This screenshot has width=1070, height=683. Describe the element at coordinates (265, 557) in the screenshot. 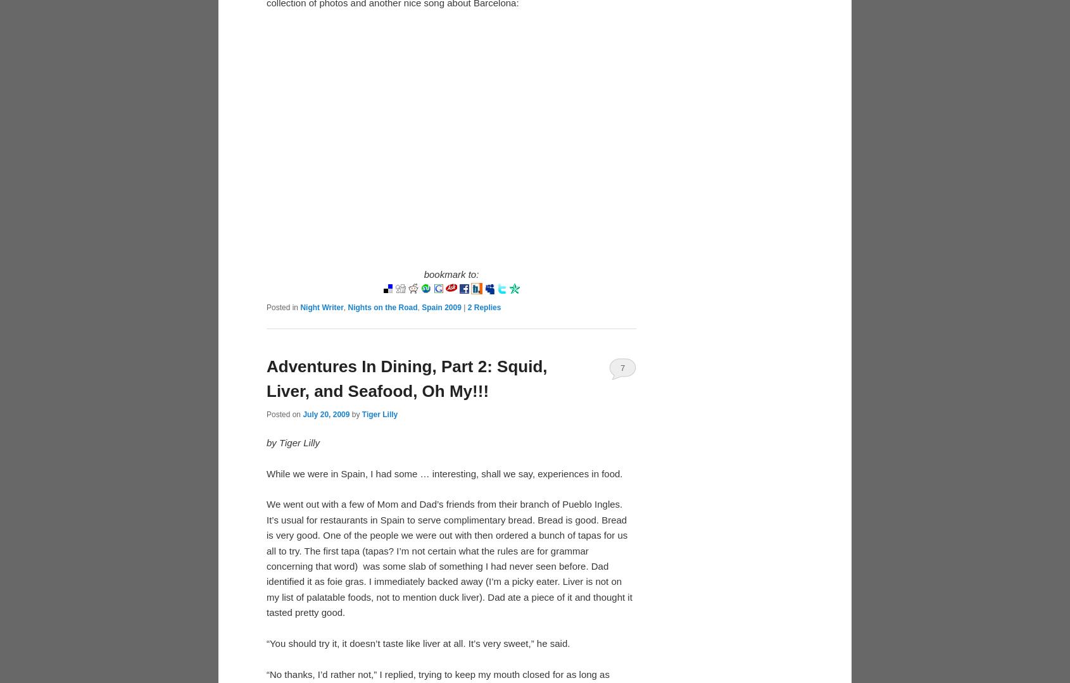

I see `'We went out with a few of Mom and Dad’s friends from their branch of Pueblo Ingles. It’s usual for restaurants in Spain to serve complimentary bread. Bread is good. Bread is very good. One of the people we were out with then ordered a bunch of tapas for us all to try. The first tapa (tapas? I’m not certain what the rules are for grammar concerning that word)  was some slab of something I had never seen before. Dad identified it as foie gras. I immediately backed away (I’m a picky eater. Liver is not on my list of palatable foods, not to mention duck liver). Dad ate a piece of it and thought it tasted pretty good.'` at that location.